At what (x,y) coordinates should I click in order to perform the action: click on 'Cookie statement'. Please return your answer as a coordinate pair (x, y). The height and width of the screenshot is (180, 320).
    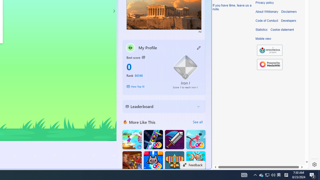
    Looking at the image, I should click on (282, 30).